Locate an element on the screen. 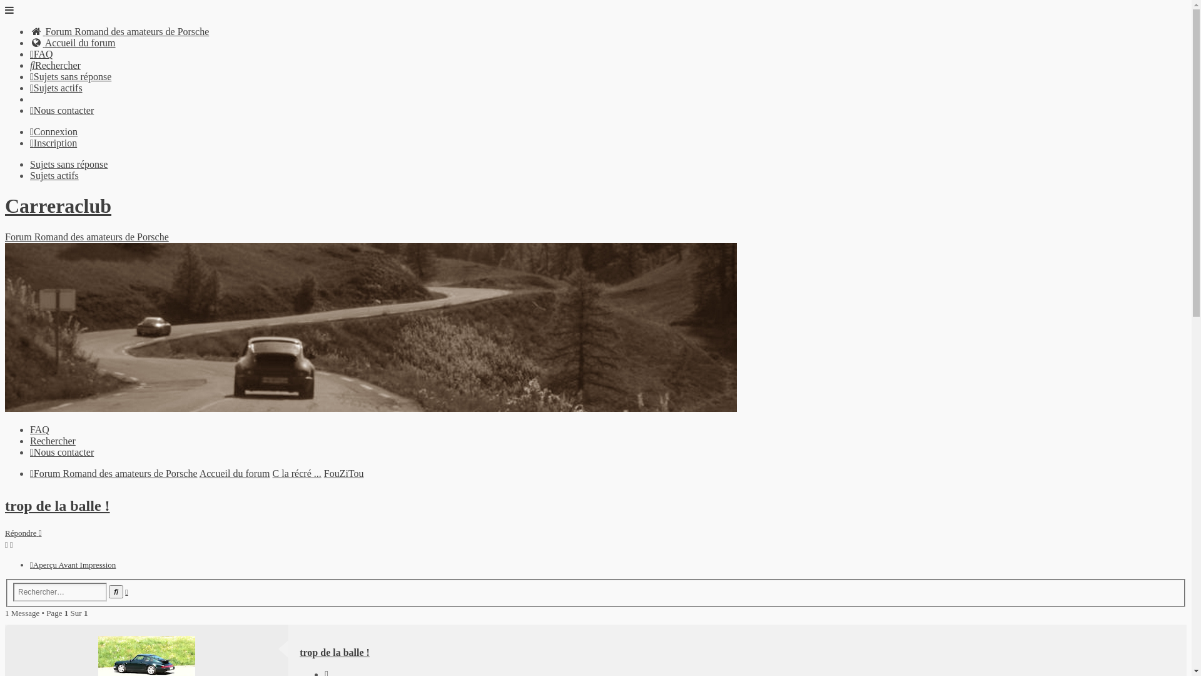  'Rechercher' is located at coordinates (54, 65).